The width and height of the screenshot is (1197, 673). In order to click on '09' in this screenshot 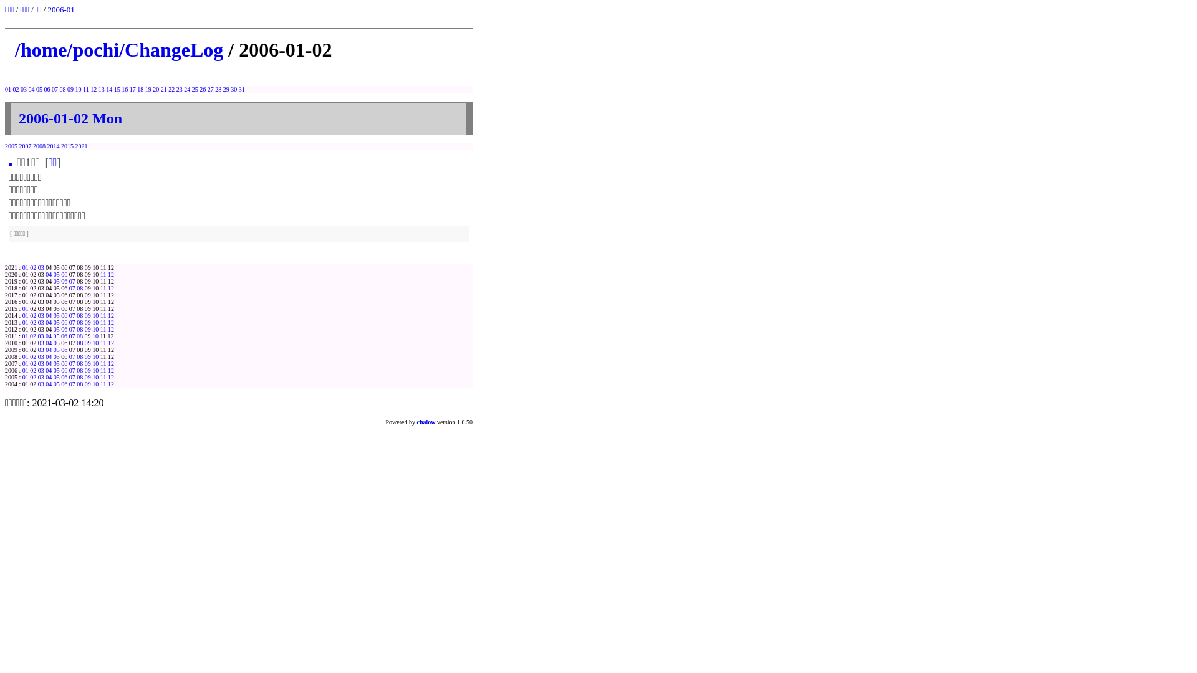, I will do `click(87, 322)`.